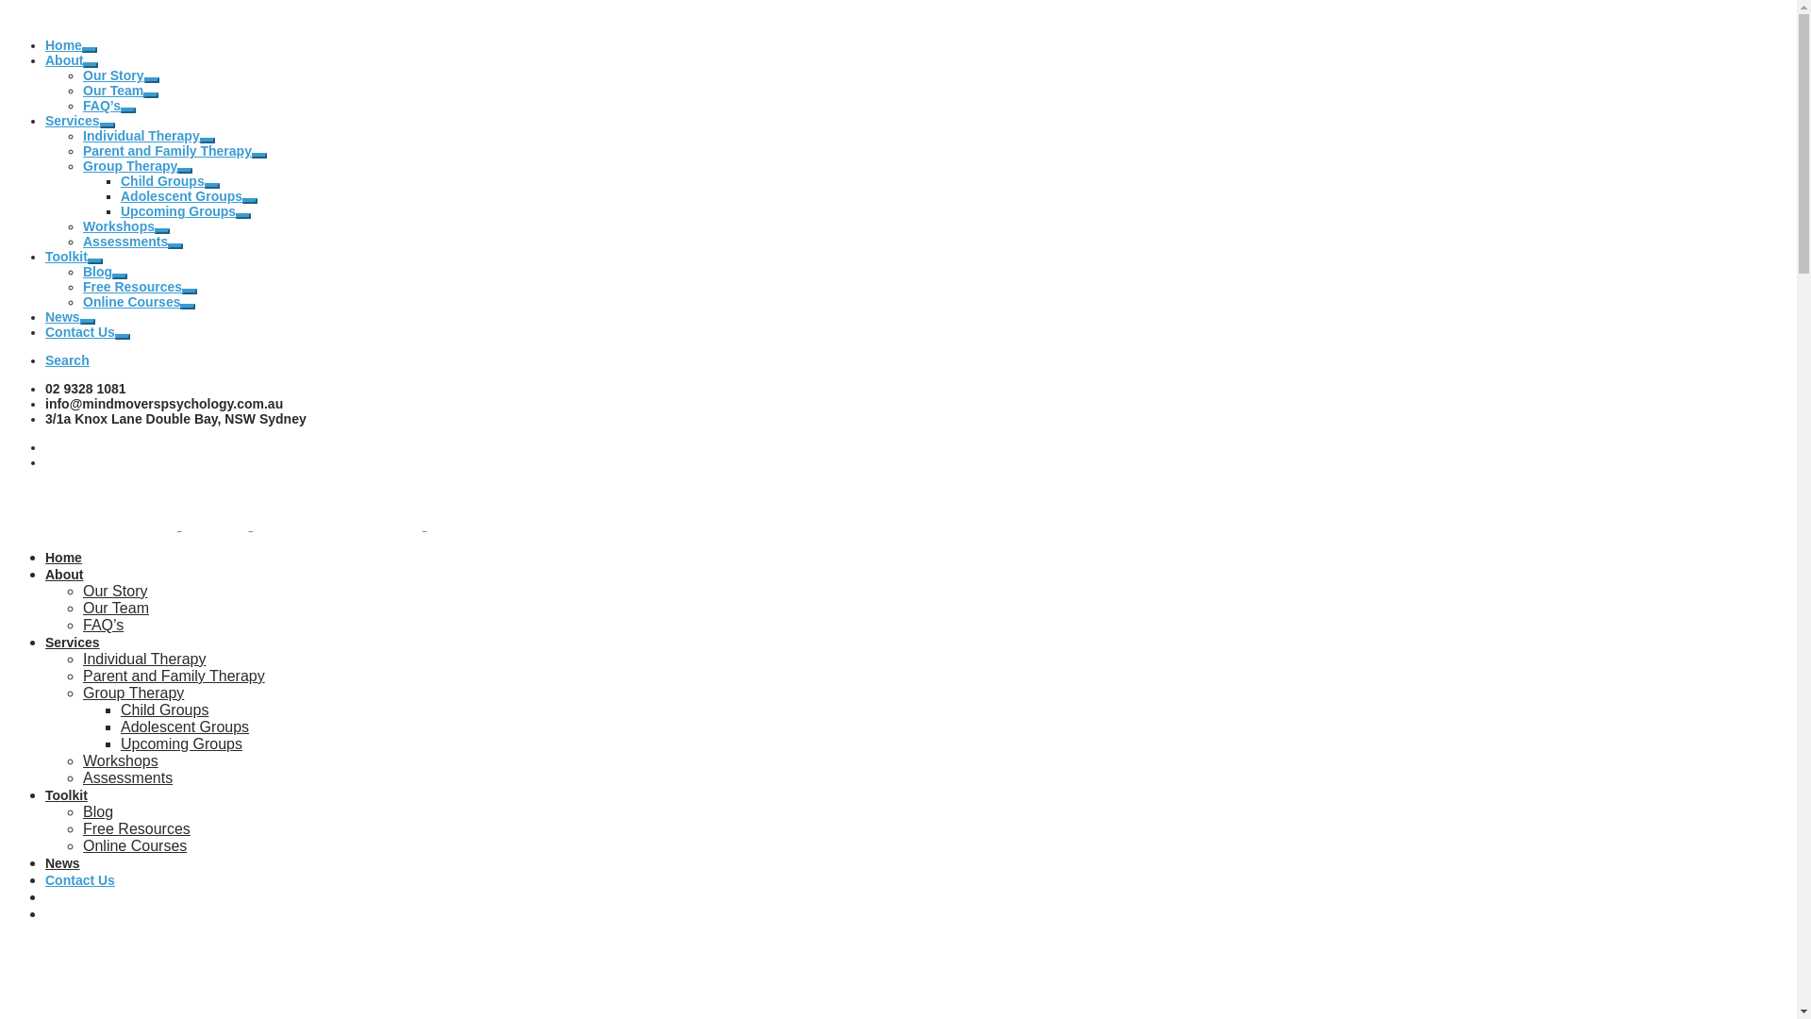 This screenshot has width=1811, height=1019. What do you see at coordinates (125, 240) in the screenshot?
I see `'Assessments'` at bounding box center [125, 240].